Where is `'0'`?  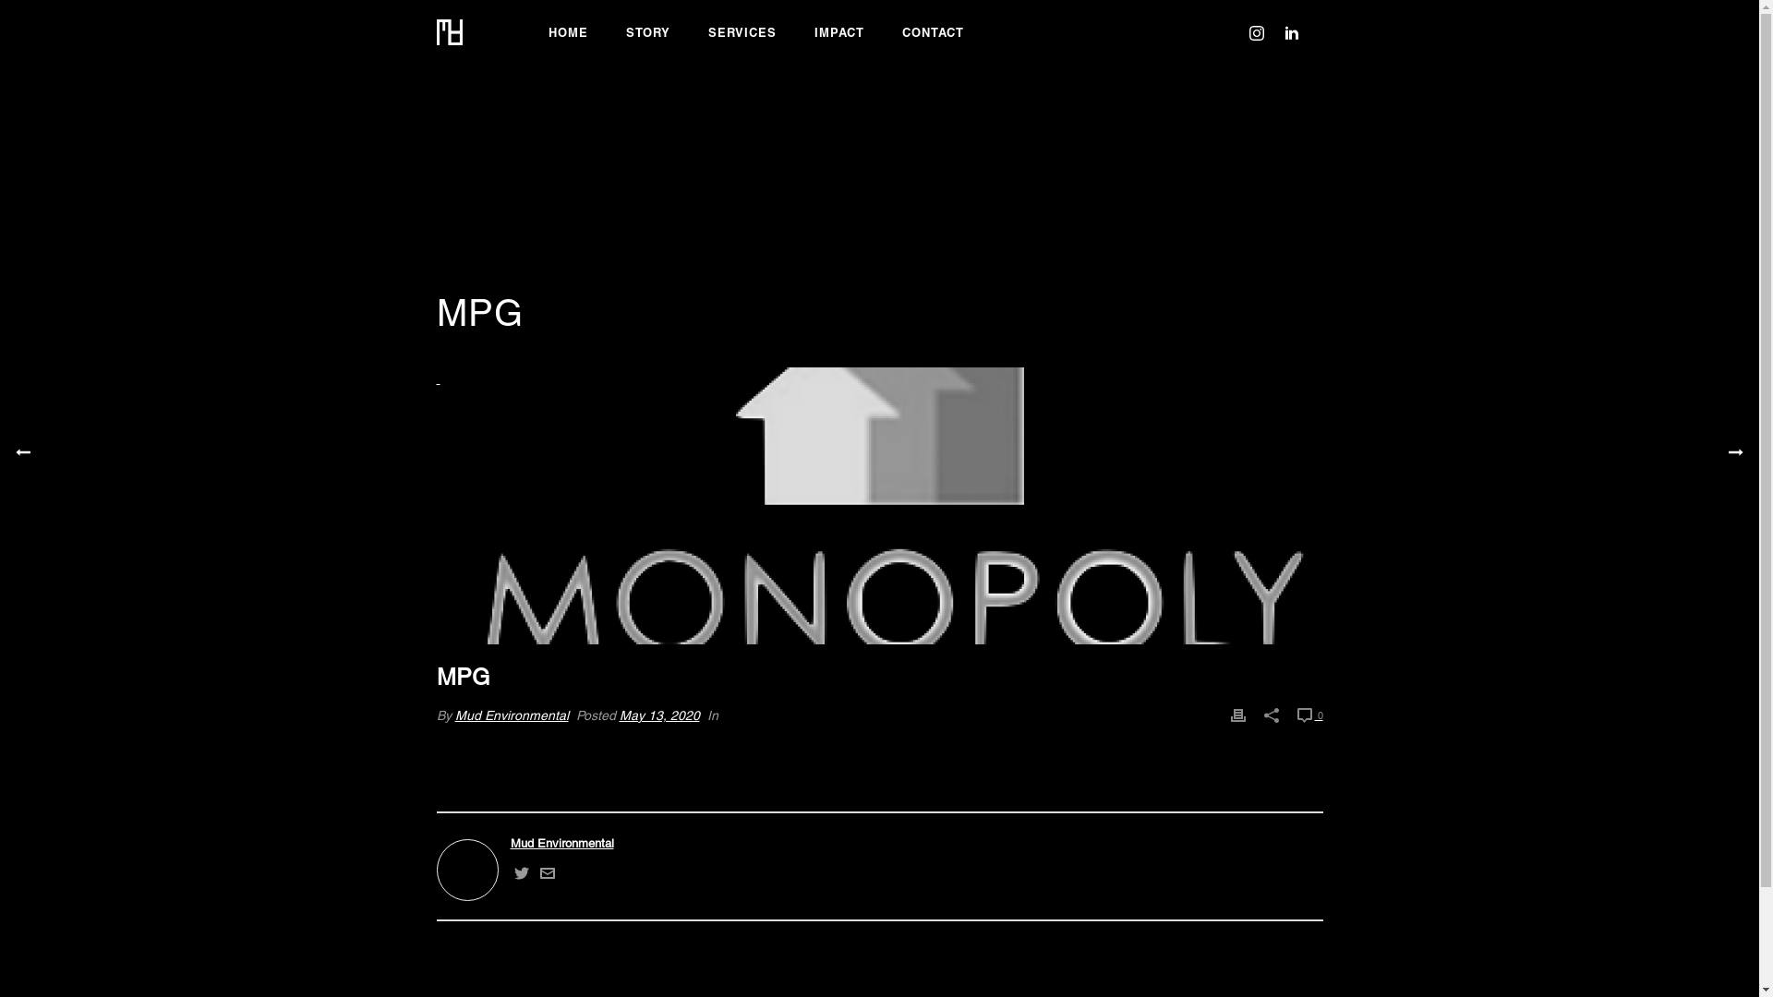
'0' is located at coordinates (1308, 715).